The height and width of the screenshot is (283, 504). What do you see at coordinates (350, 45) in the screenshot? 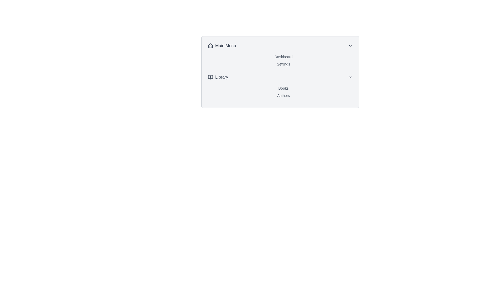
I see `the Chevron icon located beside the 'Main Menu' text` at bounding box center [350, 45].